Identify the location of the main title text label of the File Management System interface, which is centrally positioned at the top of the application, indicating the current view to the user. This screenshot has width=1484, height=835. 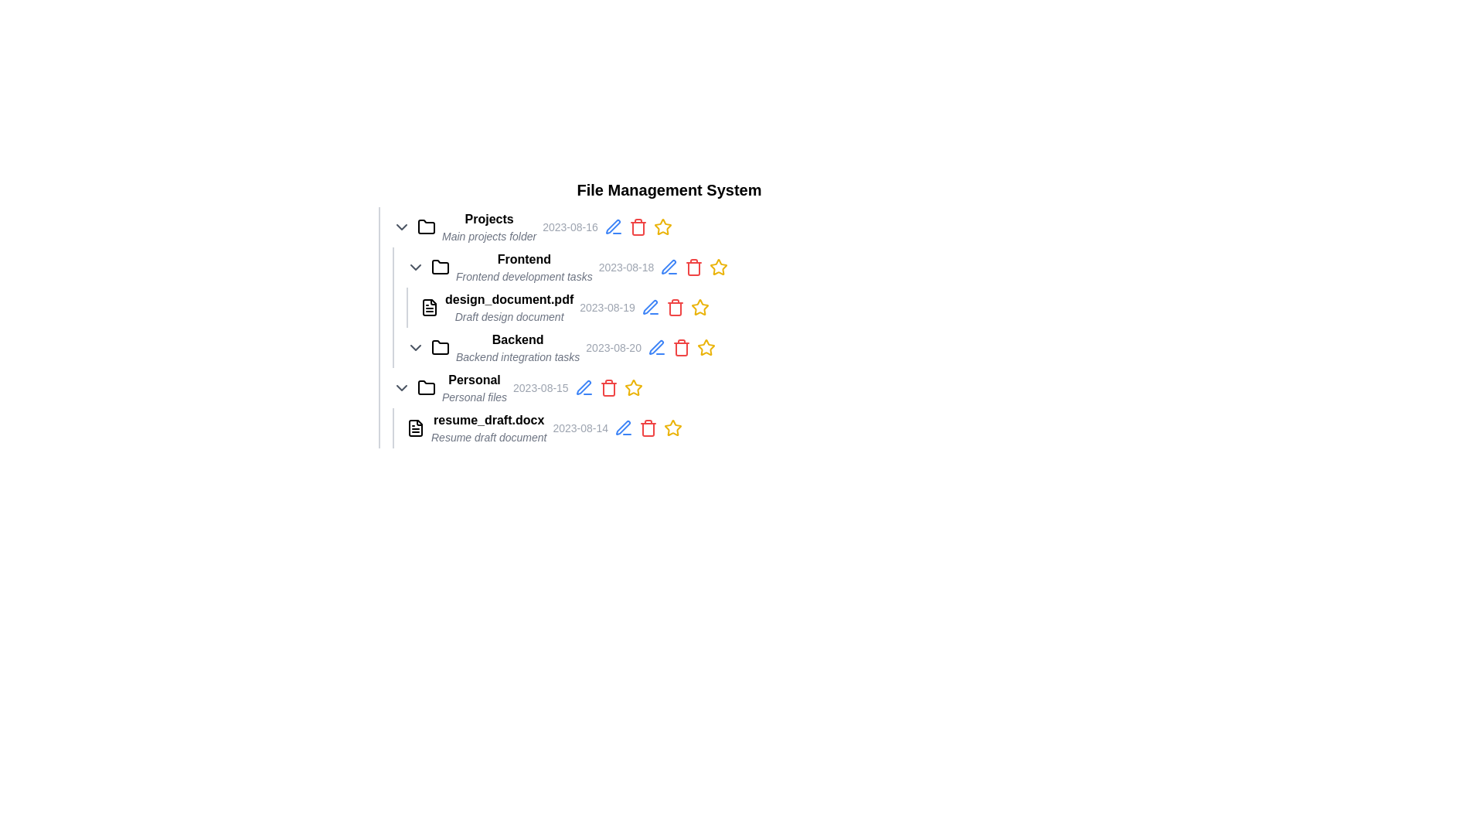
(669, 189).